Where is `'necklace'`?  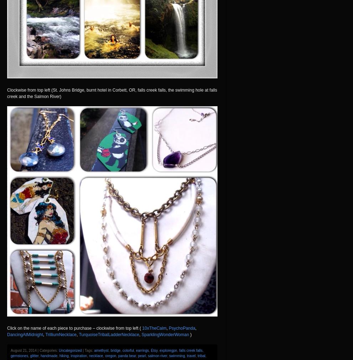 'necklace' is located at coordinates (96, 355).